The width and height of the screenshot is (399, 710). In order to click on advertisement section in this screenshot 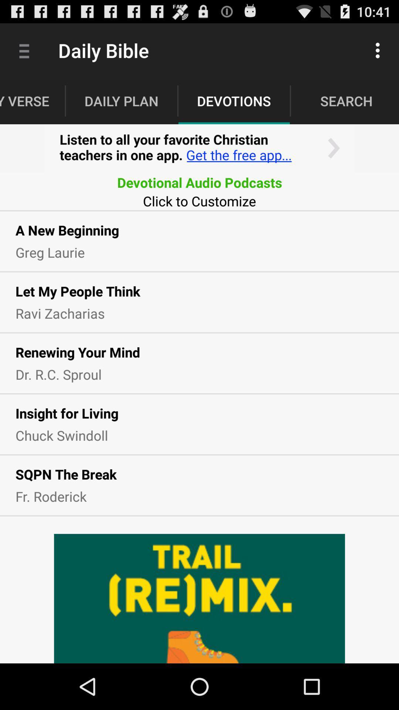, I will do `click(199, 148)`.